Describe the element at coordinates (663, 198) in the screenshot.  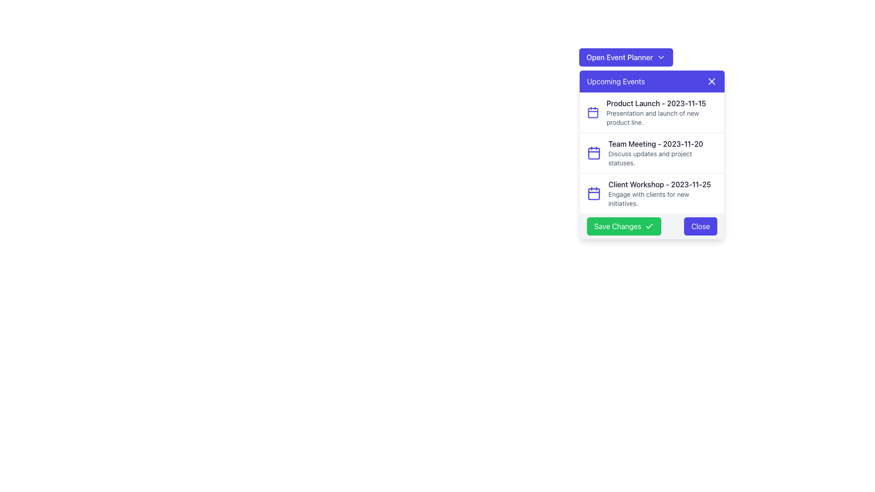
I see `brief description text located below the 'Client Workshop - 2023-11-25' event title, which provides additional context about the event` at that location.